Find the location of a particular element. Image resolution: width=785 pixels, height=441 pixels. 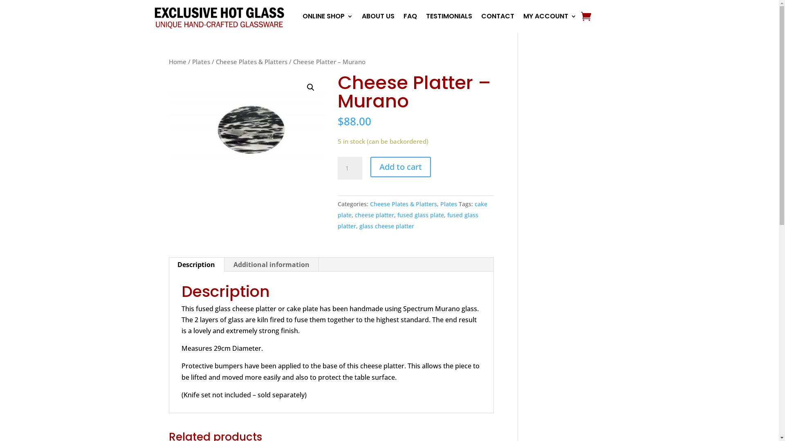

'CONTACT' is located at coordinates (497, 16).